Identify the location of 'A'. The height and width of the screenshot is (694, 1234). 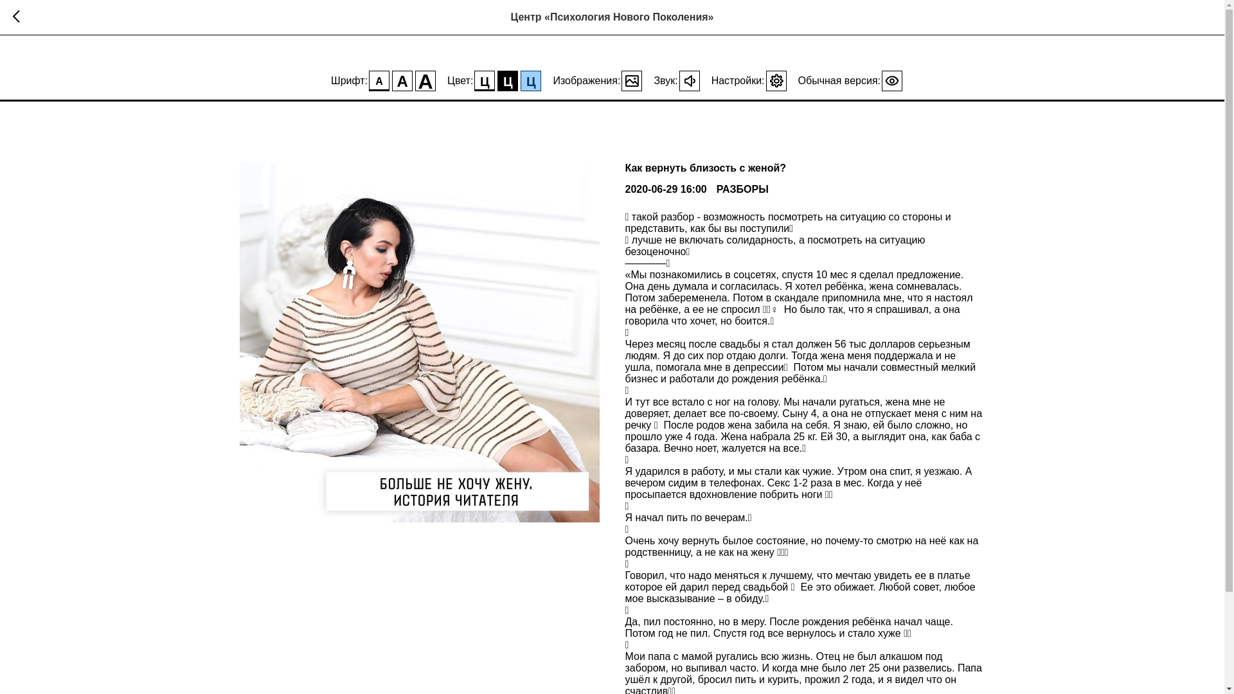
(379, 81).